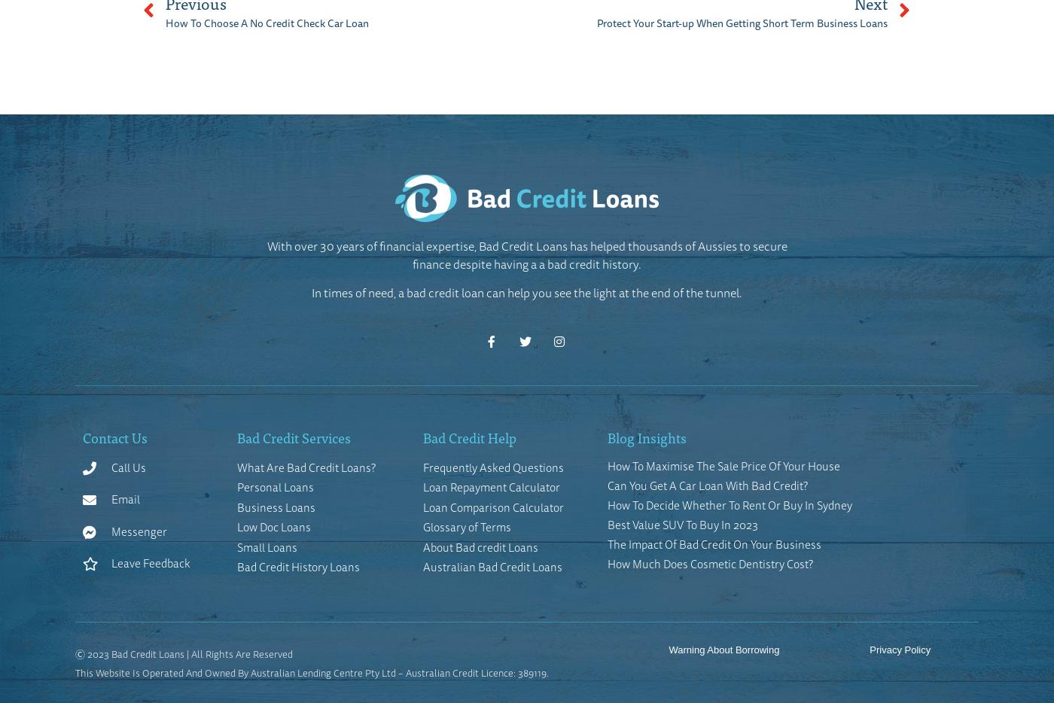  I want to click on 'Business Loans', so click(276, 506).